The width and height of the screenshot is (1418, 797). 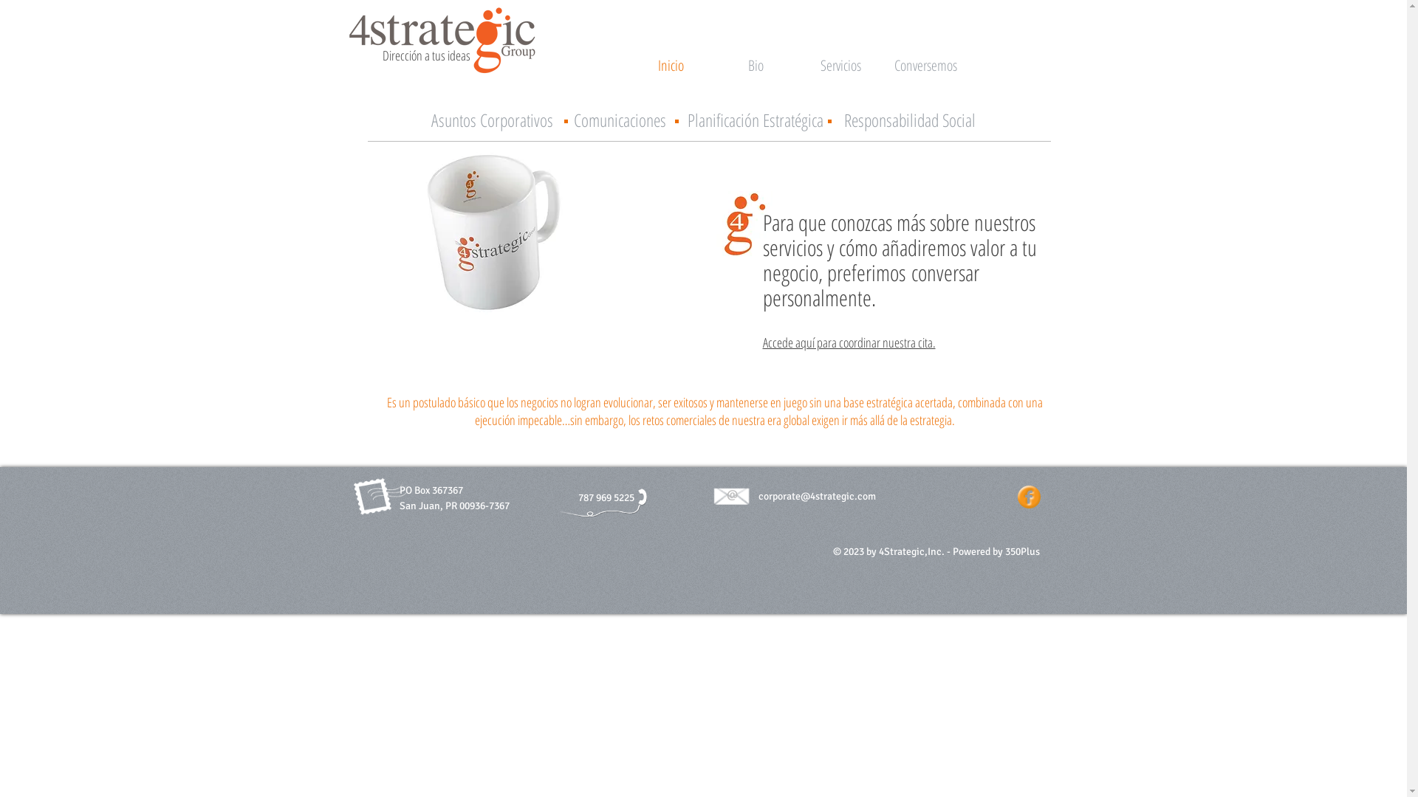 I want to click on 'Inicio', so click(x=669, y=64).